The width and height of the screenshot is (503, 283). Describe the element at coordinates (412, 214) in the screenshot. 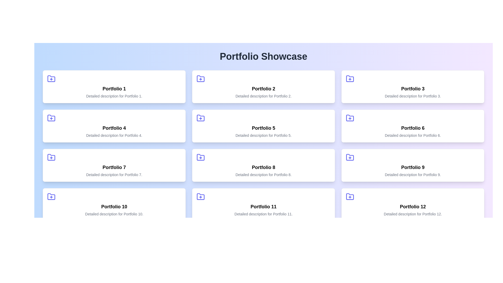

I see `the descriptive text element located below the title 'Portfolio 12' in the last card of the grid layout` at that location.